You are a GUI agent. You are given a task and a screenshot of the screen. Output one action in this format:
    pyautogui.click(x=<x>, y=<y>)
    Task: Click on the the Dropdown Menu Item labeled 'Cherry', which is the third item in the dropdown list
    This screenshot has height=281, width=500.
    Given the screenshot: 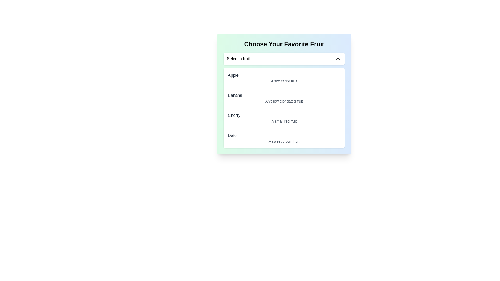 What is the action you would take?
    pyautogui.click(x=284, y=118)
    